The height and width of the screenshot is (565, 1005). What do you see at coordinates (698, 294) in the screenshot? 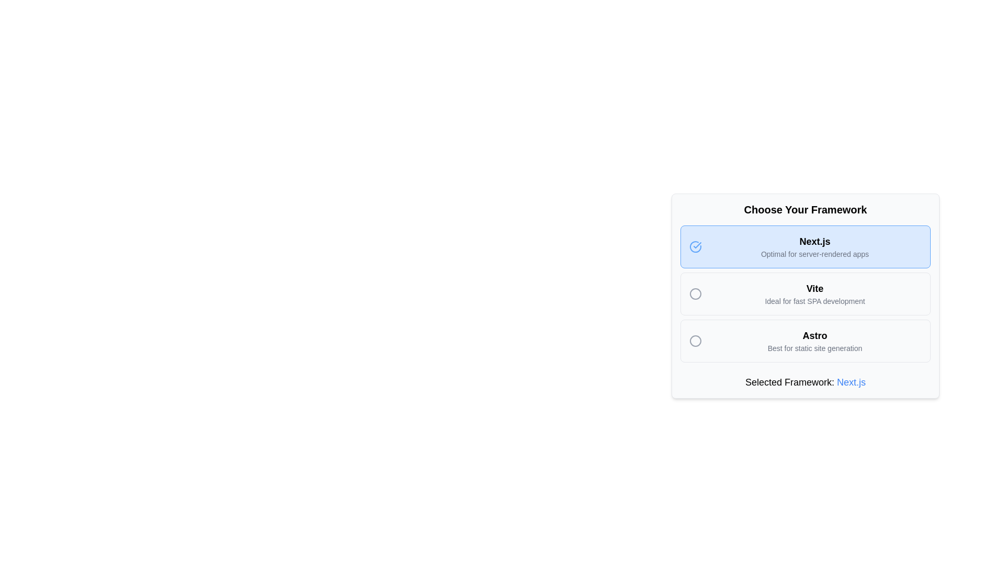
I see `the radio button for 'Vite'` at bounding box center [698, 294].